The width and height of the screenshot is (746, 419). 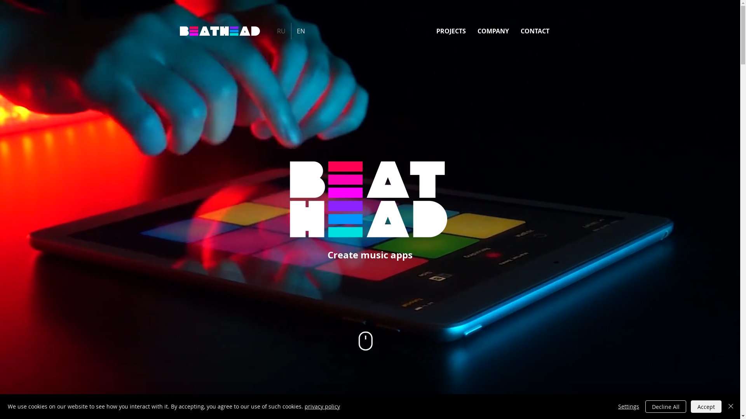 What do you see at coordinates (271, 31) in the screenshot?
I see `'RU'` at bounding box center [271, 31].